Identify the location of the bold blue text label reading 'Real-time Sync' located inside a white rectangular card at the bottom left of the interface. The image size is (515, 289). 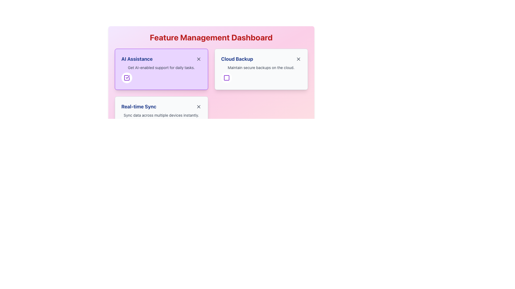
(139, 107).